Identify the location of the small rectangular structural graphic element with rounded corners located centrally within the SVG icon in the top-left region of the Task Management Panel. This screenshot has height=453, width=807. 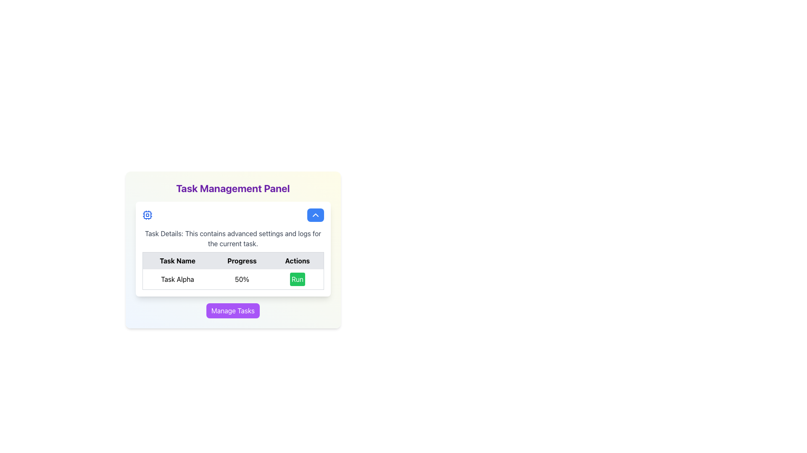
(147, 215).